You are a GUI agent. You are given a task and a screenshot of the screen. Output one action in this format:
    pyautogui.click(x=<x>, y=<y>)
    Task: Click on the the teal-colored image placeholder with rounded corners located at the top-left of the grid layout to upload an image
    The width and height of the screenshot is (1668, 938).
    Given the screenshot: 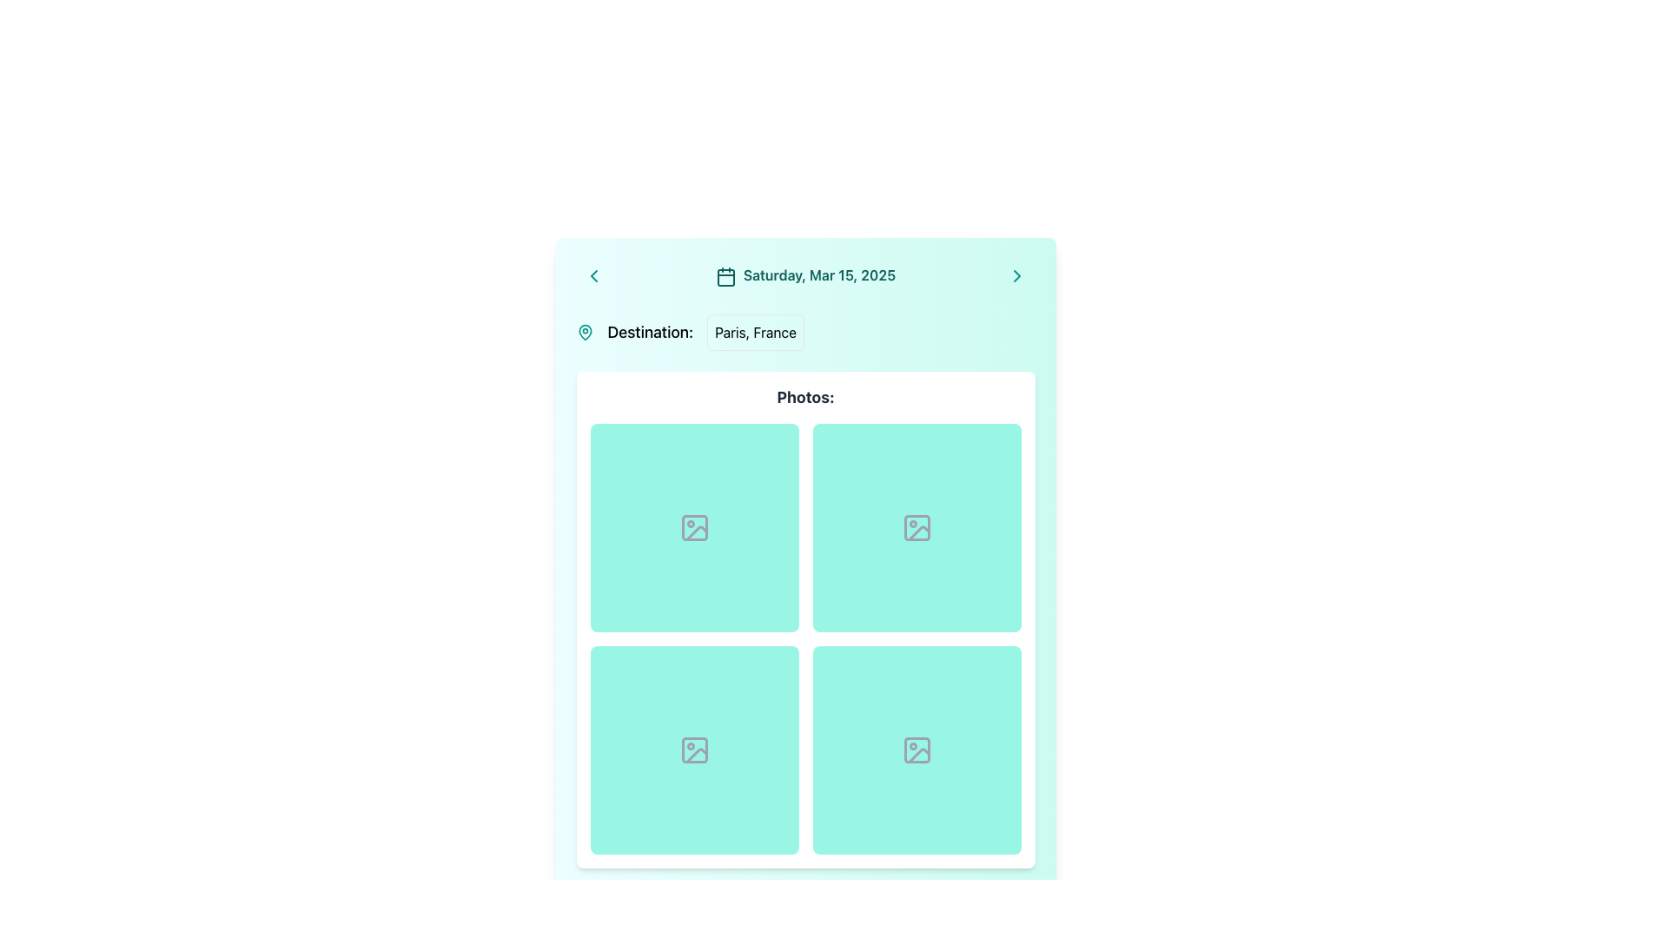 What is the action you would take?
    pyautogui.click(x=693, y=527)
    